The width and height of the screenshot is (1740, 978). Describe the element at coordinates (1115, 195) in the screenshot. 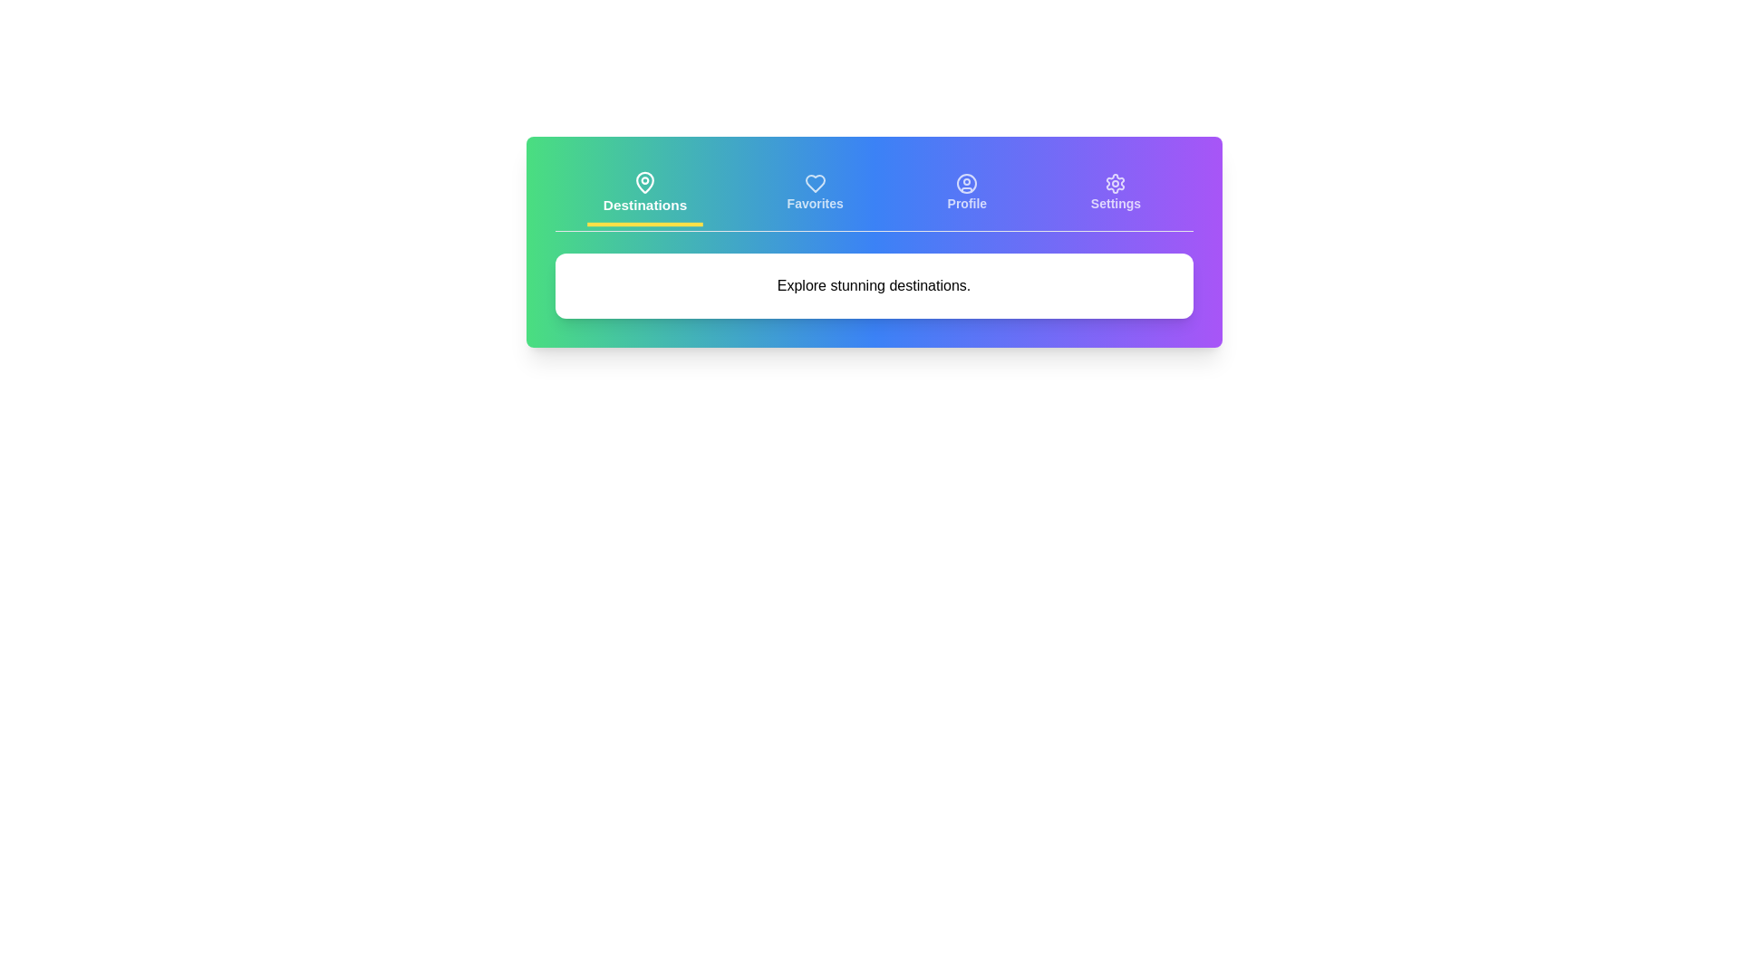

I see `the tab labeled Settings to preview its state change` at that location.